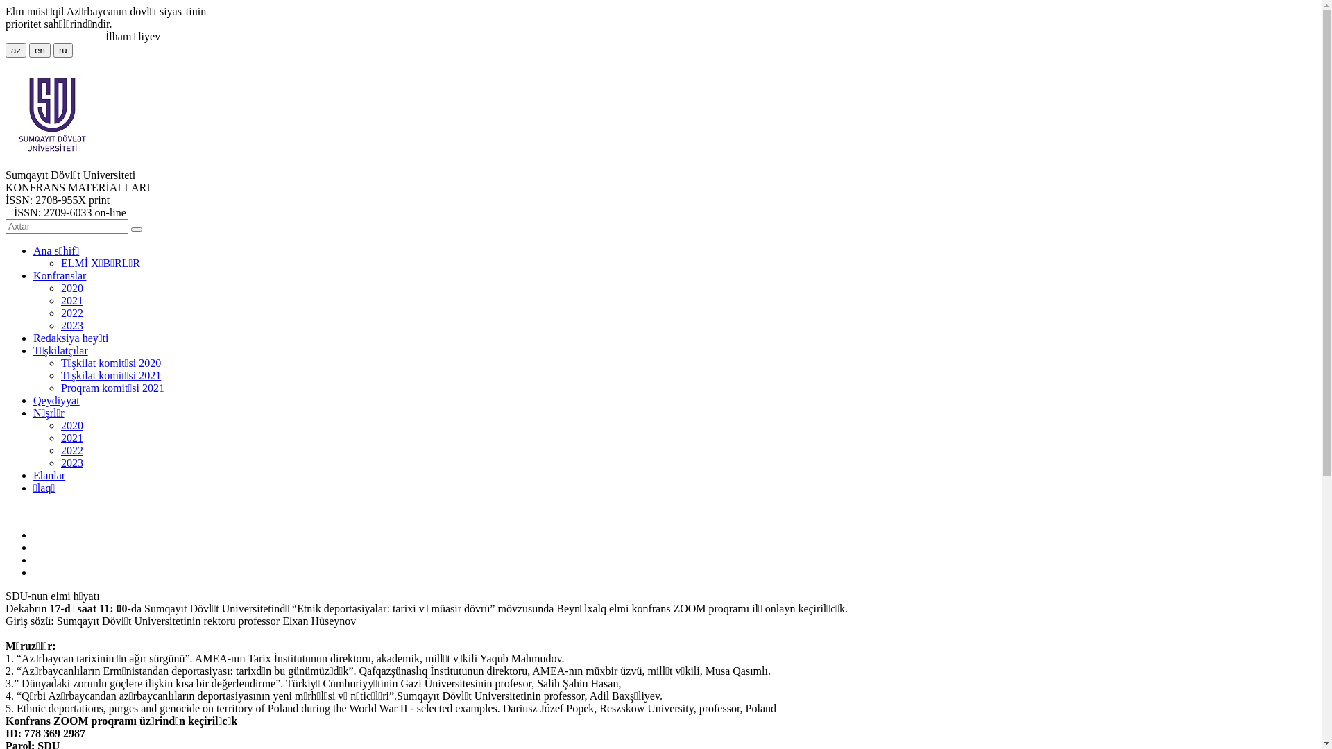  Describe the element at coordinates (62, 49) in the screenshot. I see `'ru'` at that location.